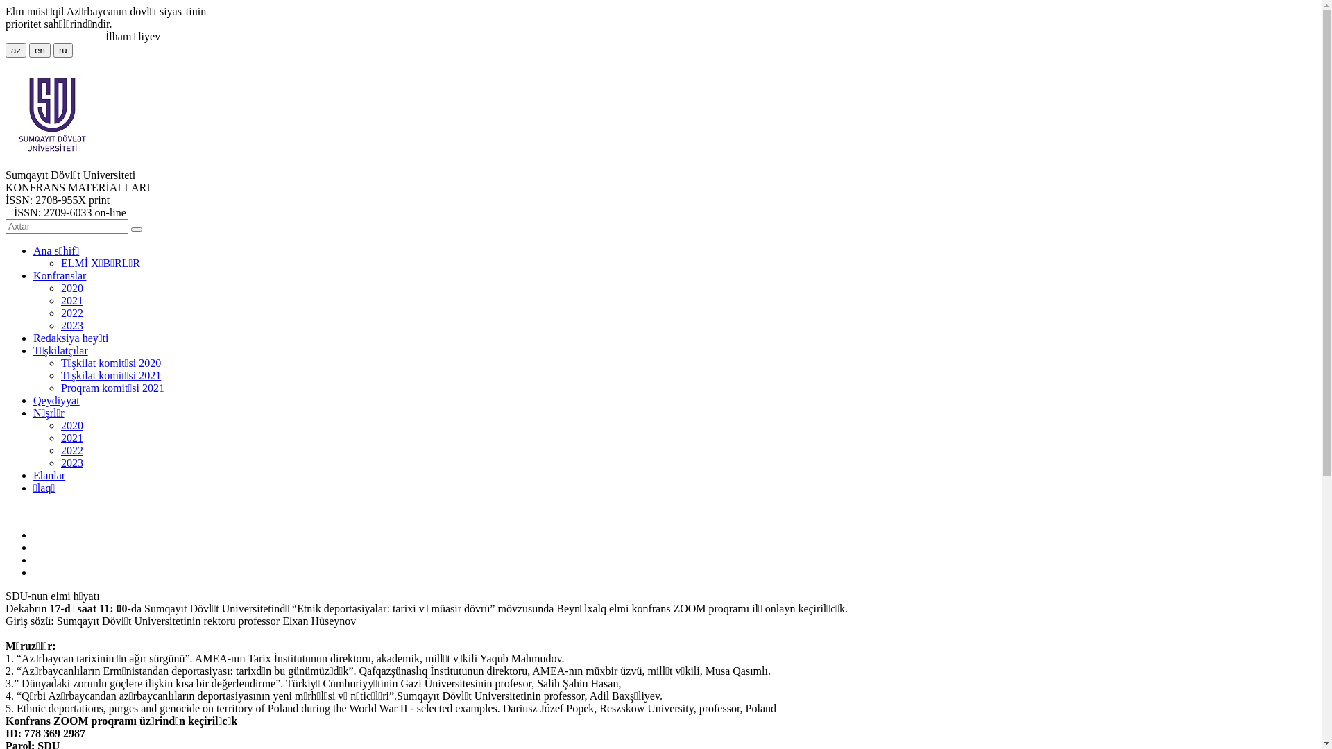  Describe the element at coordinates (62, 49) in the screenshot. I see `'ru'` at that location.